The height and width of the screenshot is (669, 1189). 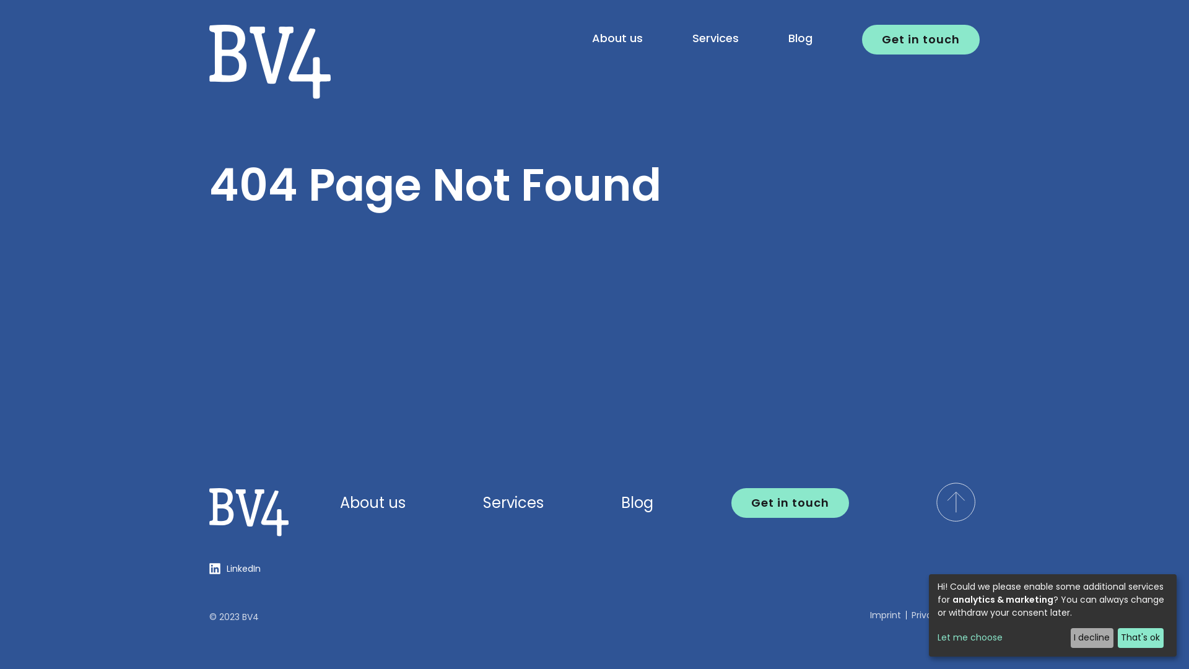 I want to click on 'That's ok', so click(x=1140, y=637).